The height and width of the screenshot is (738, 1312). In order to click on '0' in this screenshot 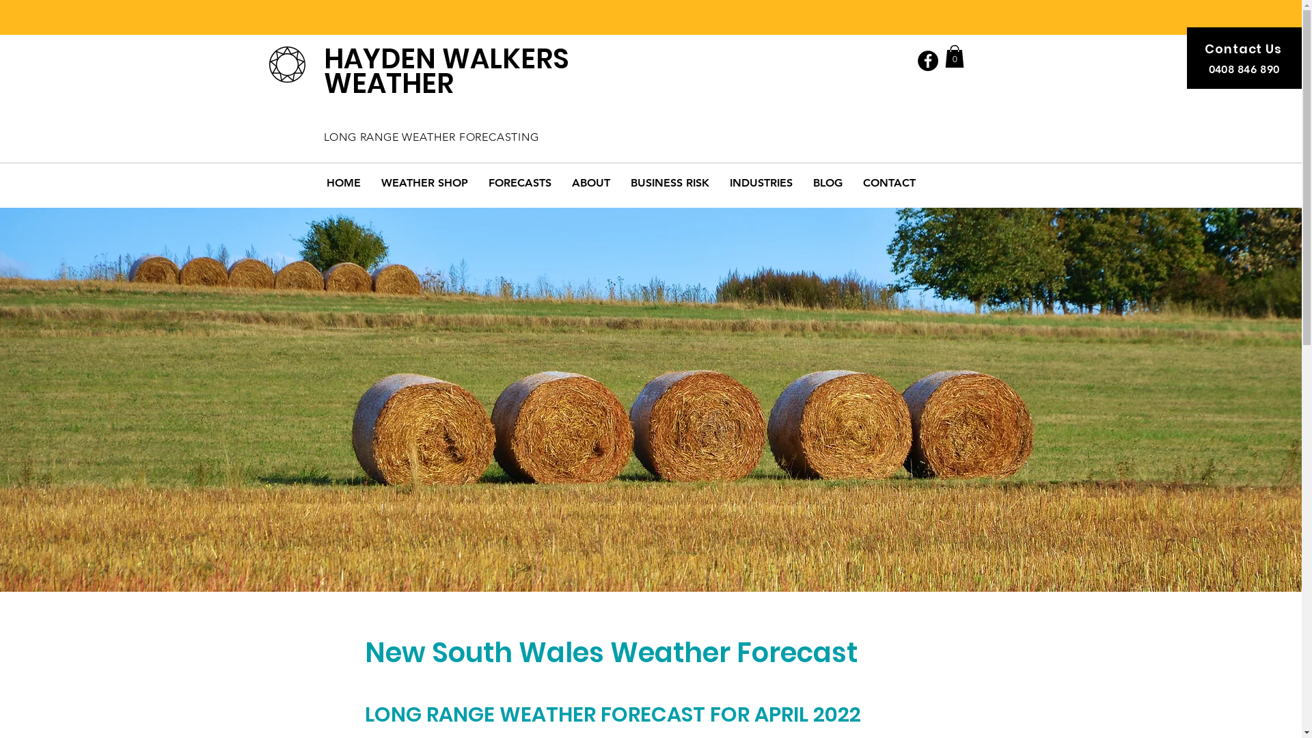, I will do `click(953, 55)`.